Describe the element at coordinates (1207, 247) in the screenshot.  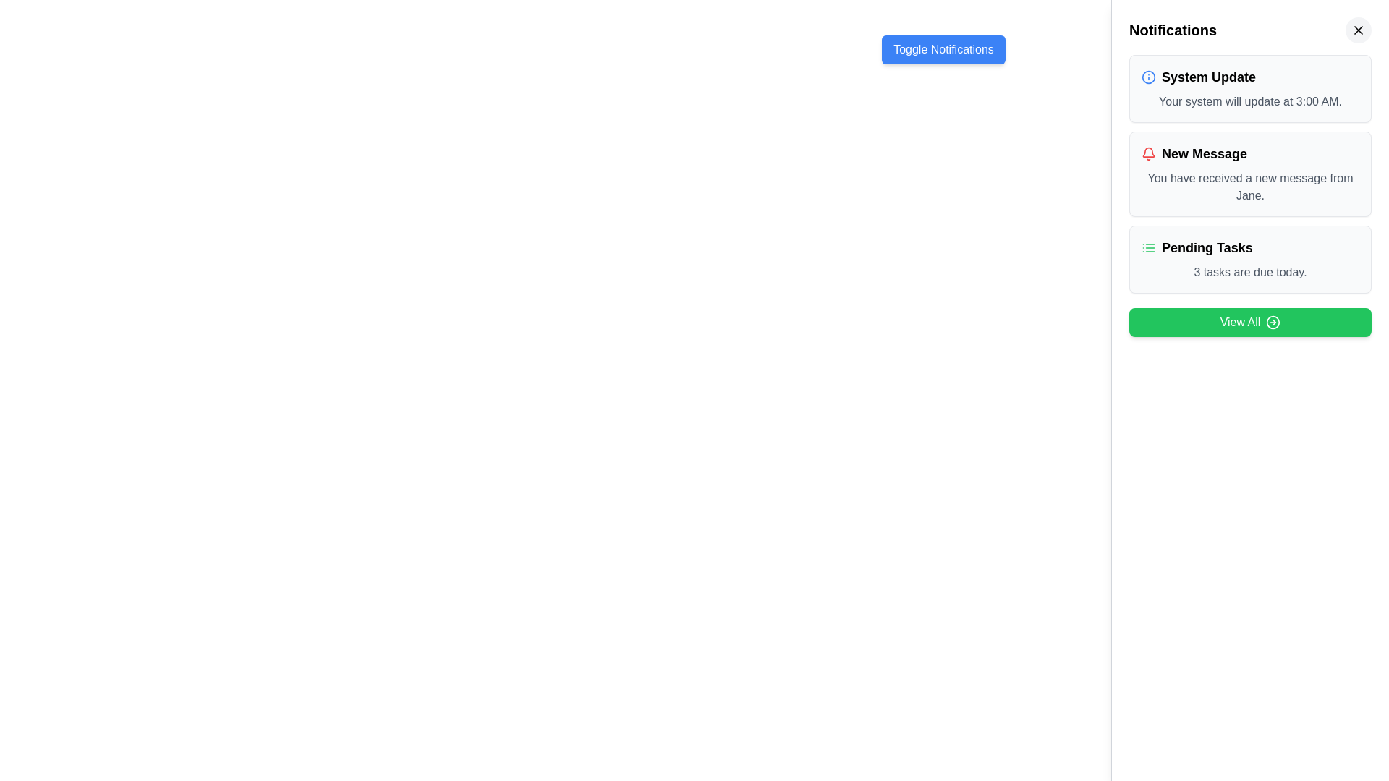
I see `the 'Pending Tasks' text label, which is a large, bold, black font heading located in the lower section of the notification panel, to the right of a green list icon` at that location.